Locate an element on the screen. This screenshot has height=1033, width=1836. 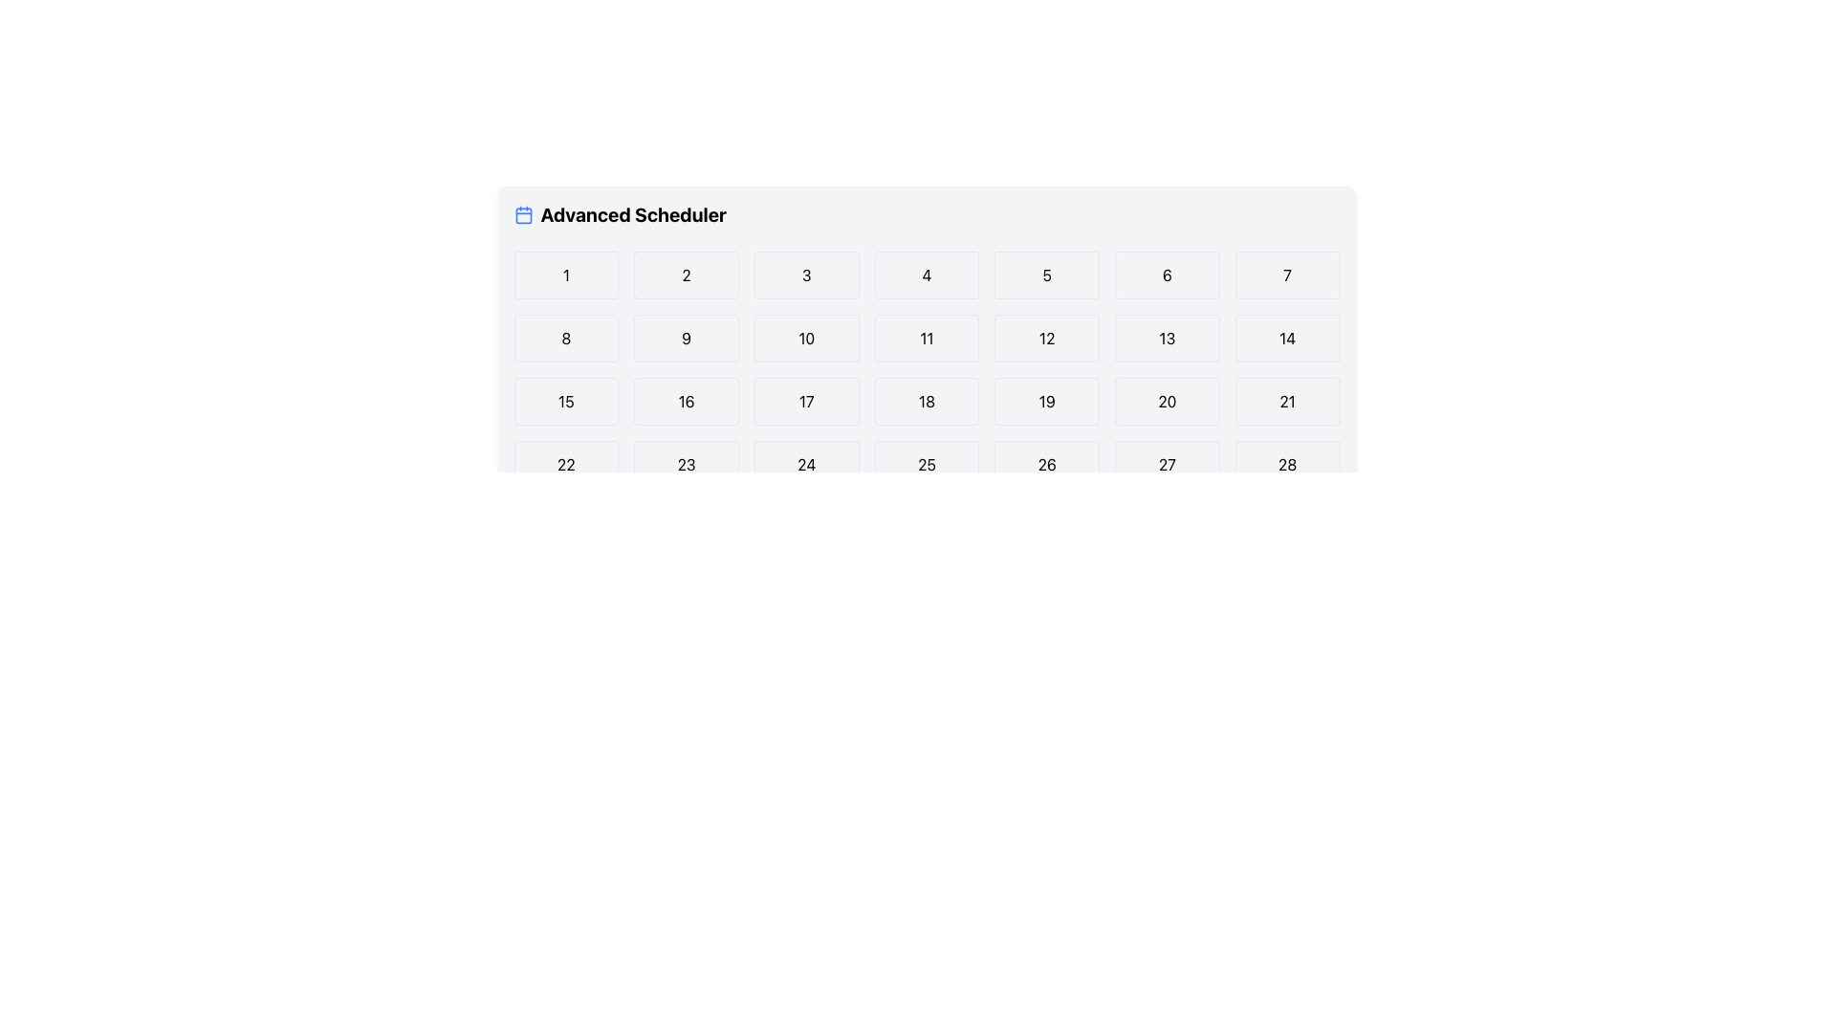
the button that represents the selectable date '15' in the grid layout, located in the third row and first column below the label 'Advanced Scheduler' to change its background color is located at coordinates (565, 401).